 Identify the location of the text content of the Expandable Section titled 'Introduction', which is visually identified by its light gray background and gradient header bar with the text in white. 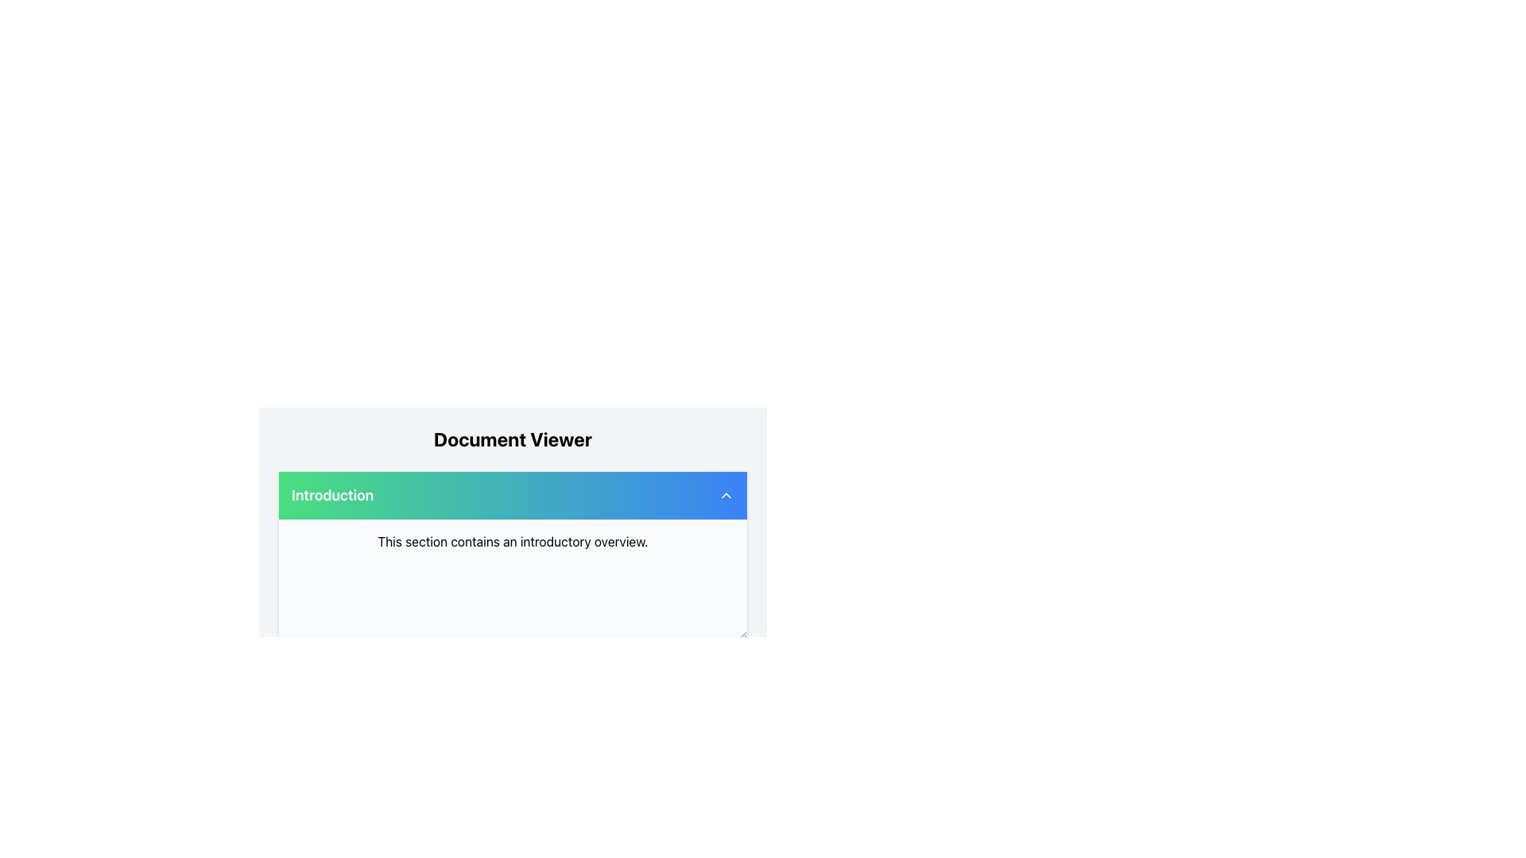
(513, 554).